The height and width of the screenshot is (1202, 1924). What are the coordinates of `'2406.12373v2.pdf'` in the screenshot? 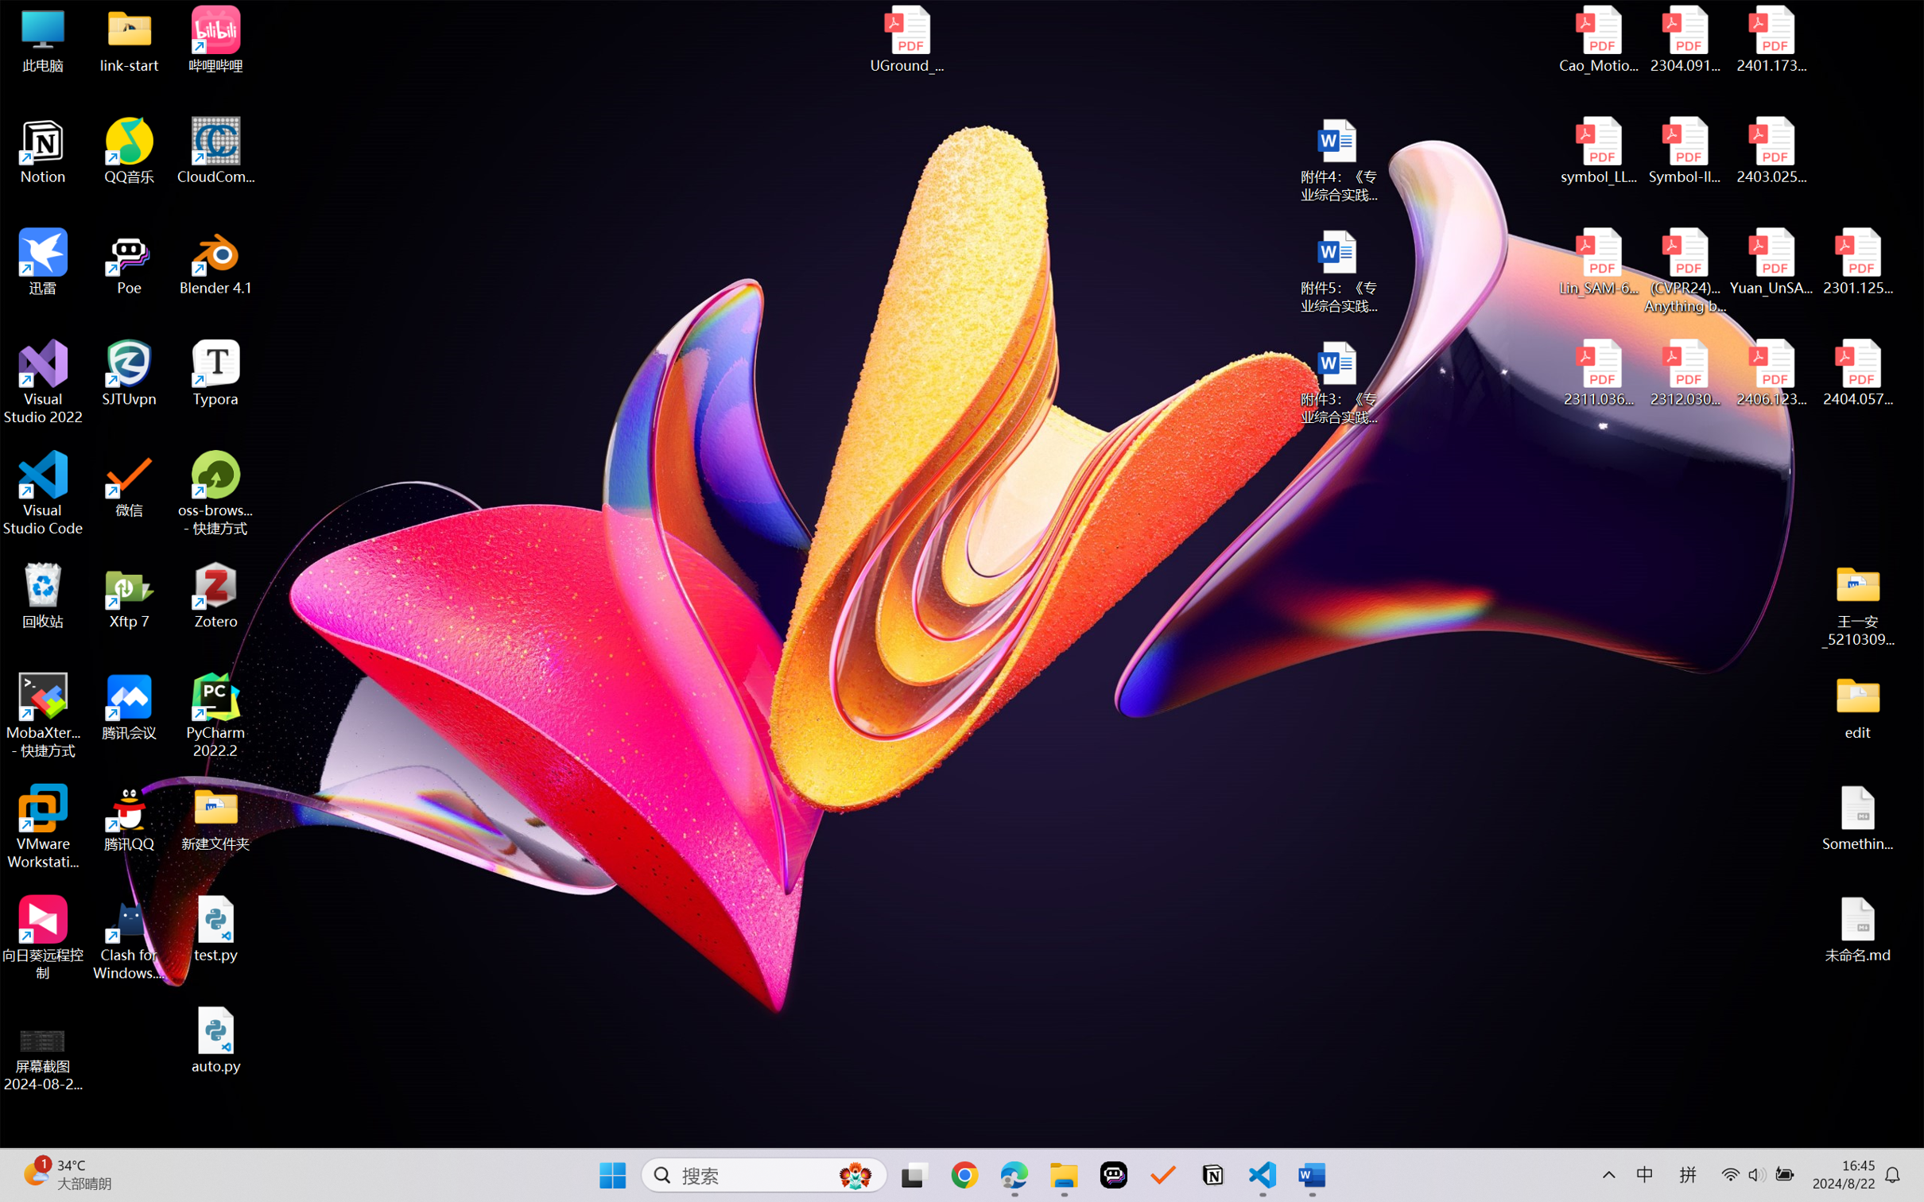 It's located at (1770, 373).